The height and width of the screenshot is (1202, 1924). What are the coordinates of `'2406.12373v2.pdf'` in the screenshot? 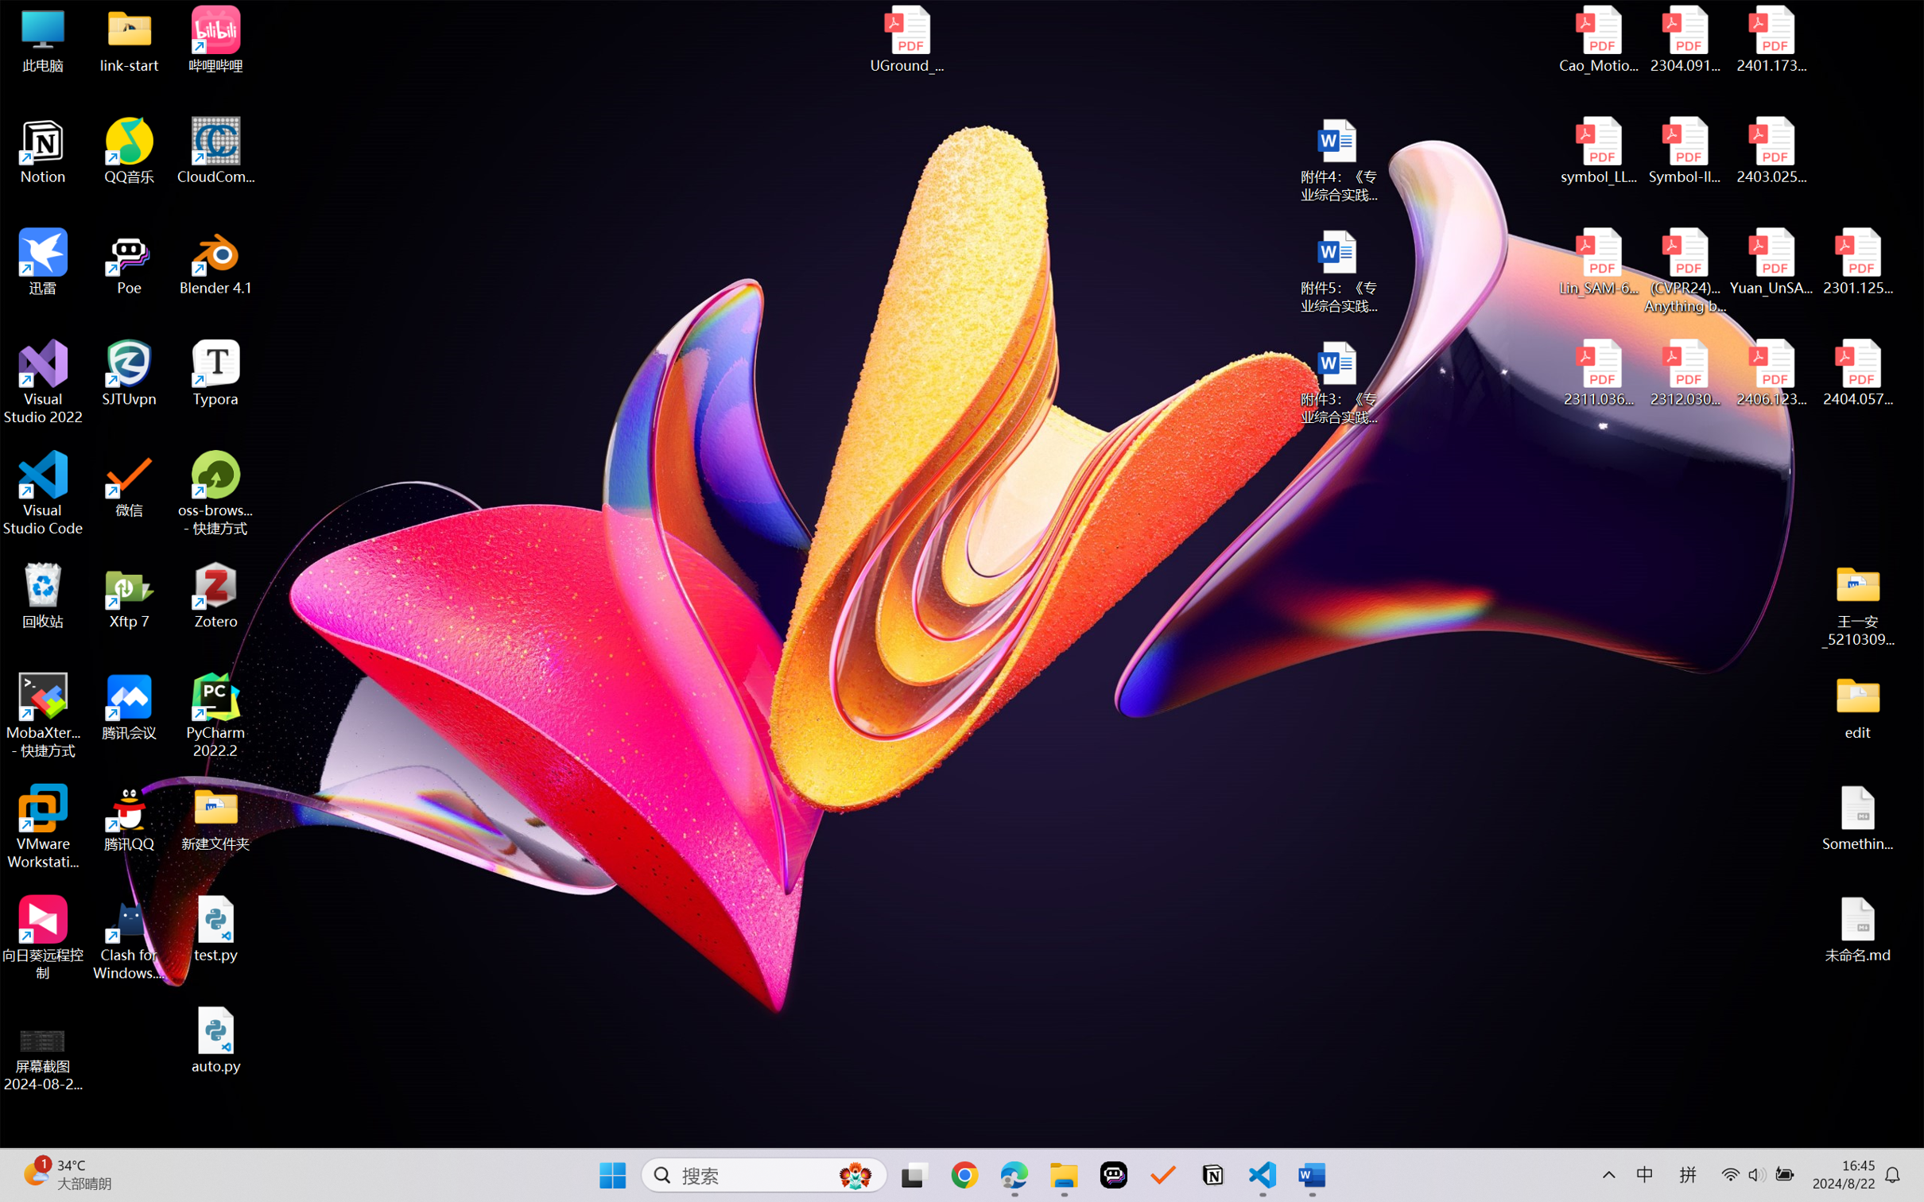 It's located at (1770, 373).